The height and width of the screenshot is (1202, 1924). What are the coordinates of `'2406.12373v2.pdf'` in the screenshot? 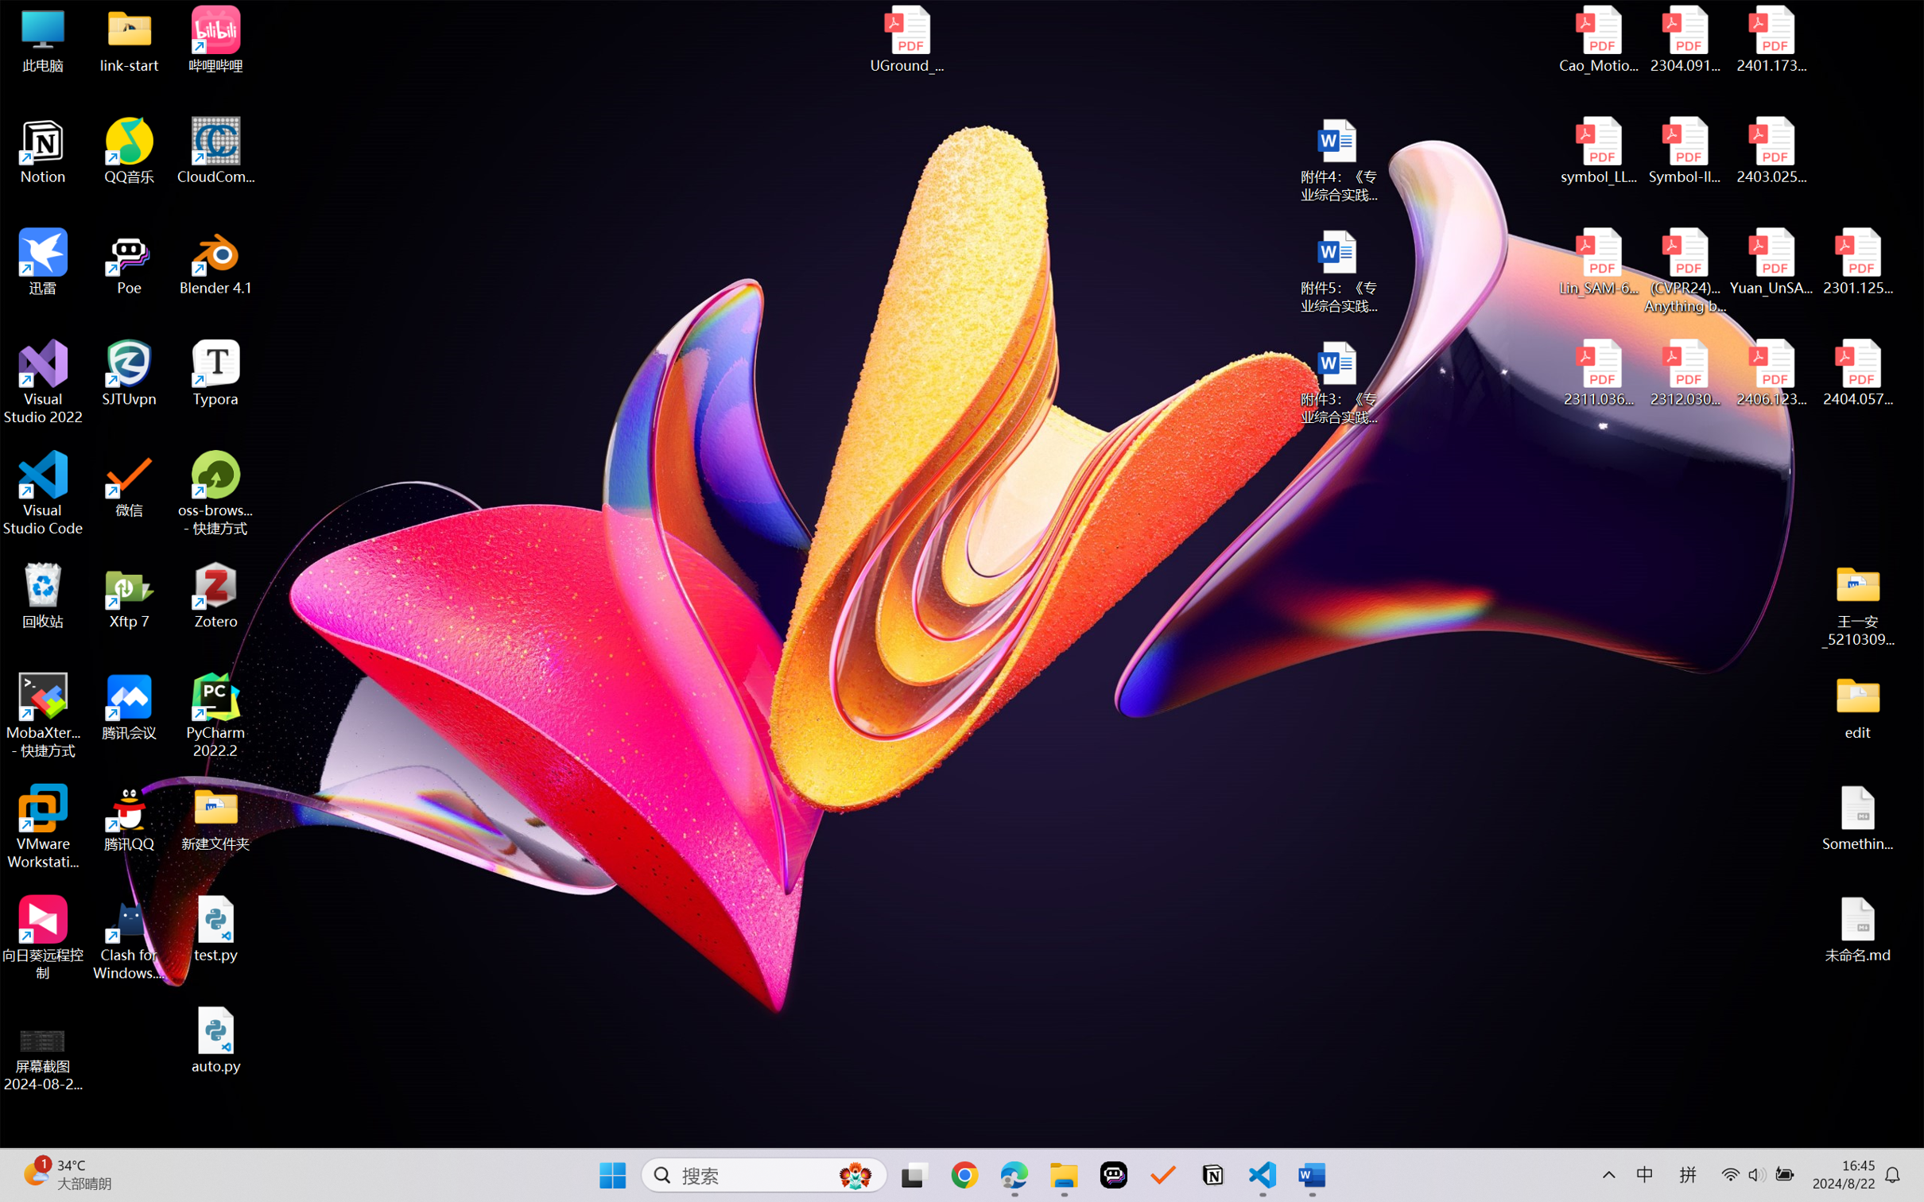 It's located at (1770, 373).